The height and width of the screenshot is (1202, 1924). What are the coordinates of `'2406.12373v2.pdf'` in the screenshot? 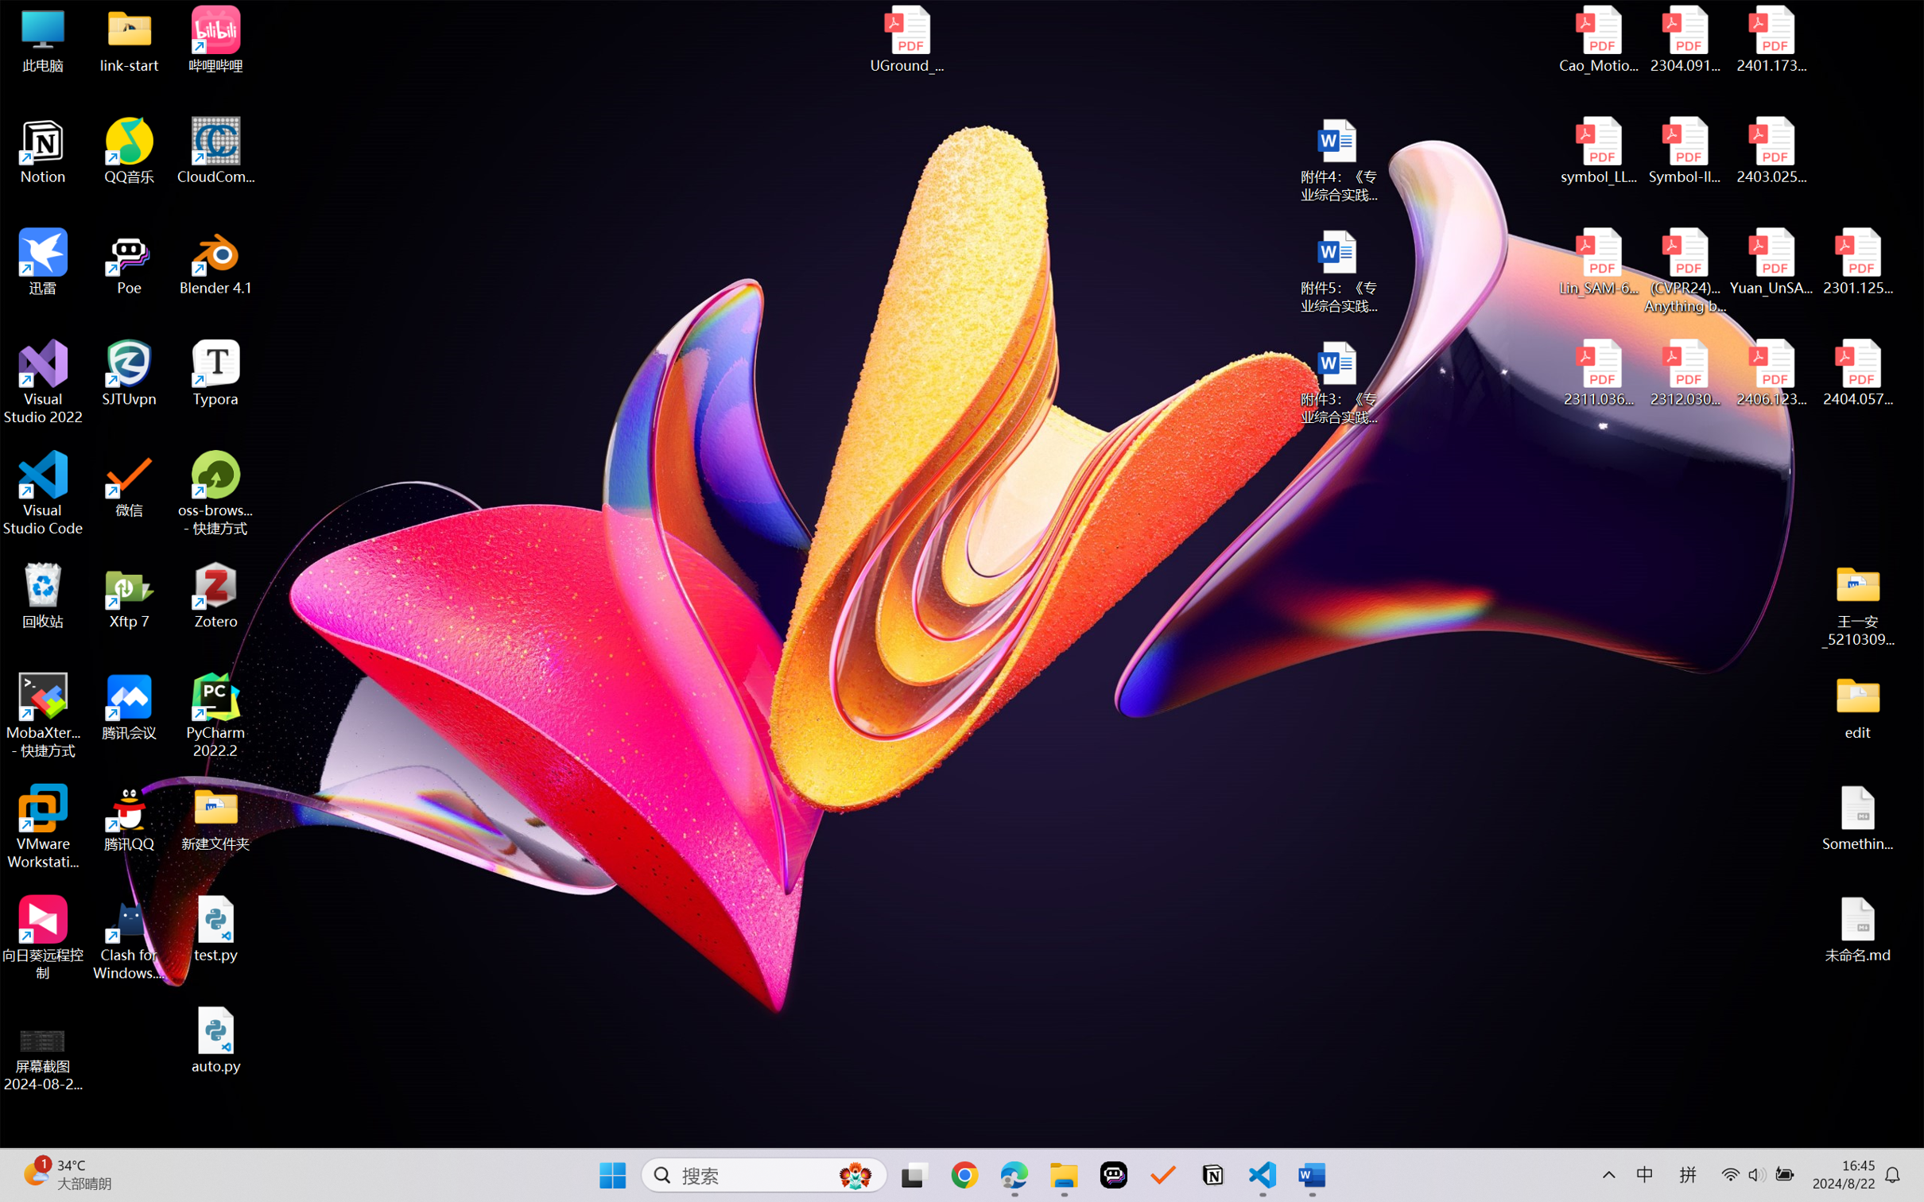 It's located at (1770, 373).